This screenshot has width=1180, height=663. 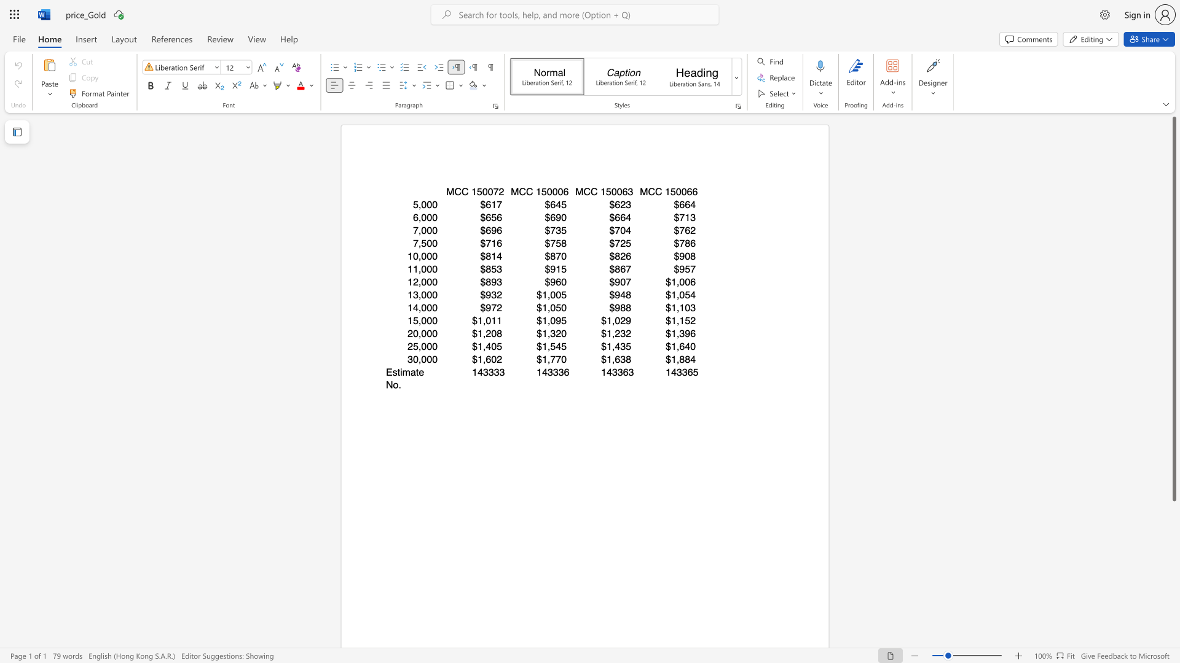 I want to click on the scrollbar on the side, so click(x=1173, y=527).